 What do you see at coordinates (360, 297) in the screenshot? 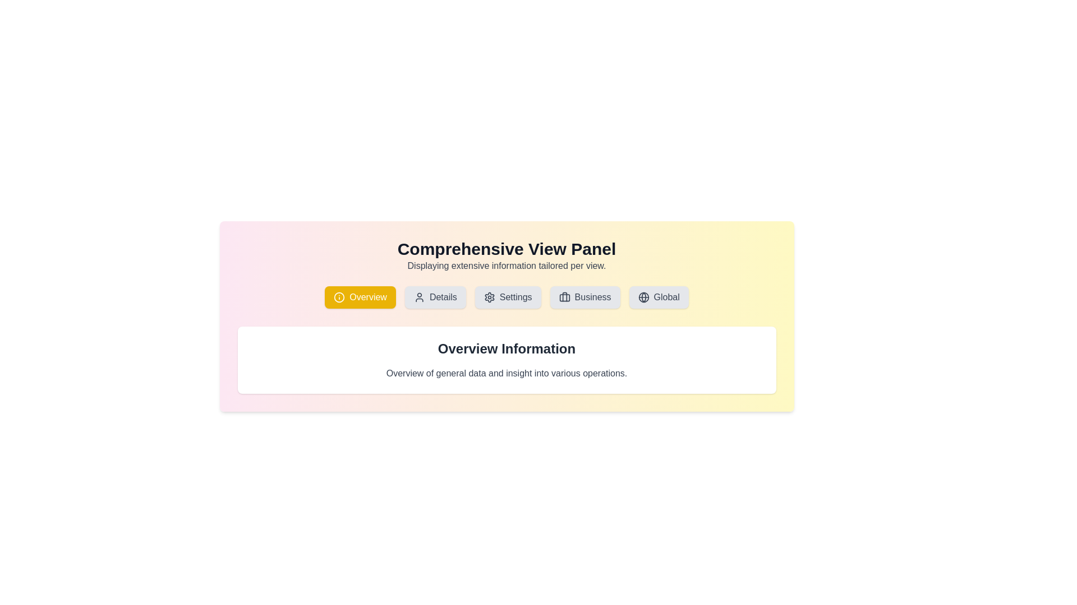
I see `the yellow navigation button labeled 'Overview' with an 'i' icon` at bounding box center [360, 297].